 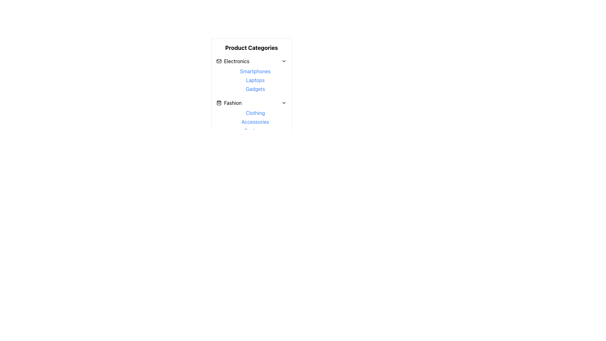 What do you see at coordinates (255, 122) in the screenshot?
I see `the 'Accessories' text link located in the 'Fashion' category` at bounding box center [255, 122].